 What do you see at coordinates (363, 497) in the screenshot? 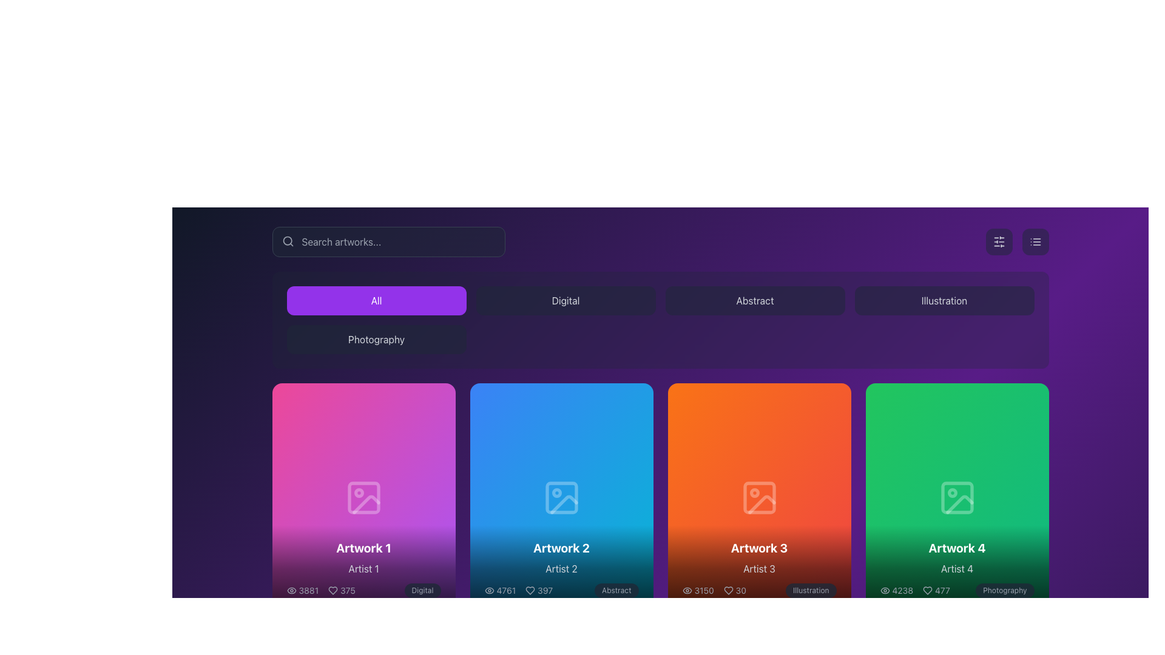
I see `the graphical rectangle component indicating an image placeholder within the 'Artwork 1' card in the first column of the grid layout` at bounding box center [363, 497].